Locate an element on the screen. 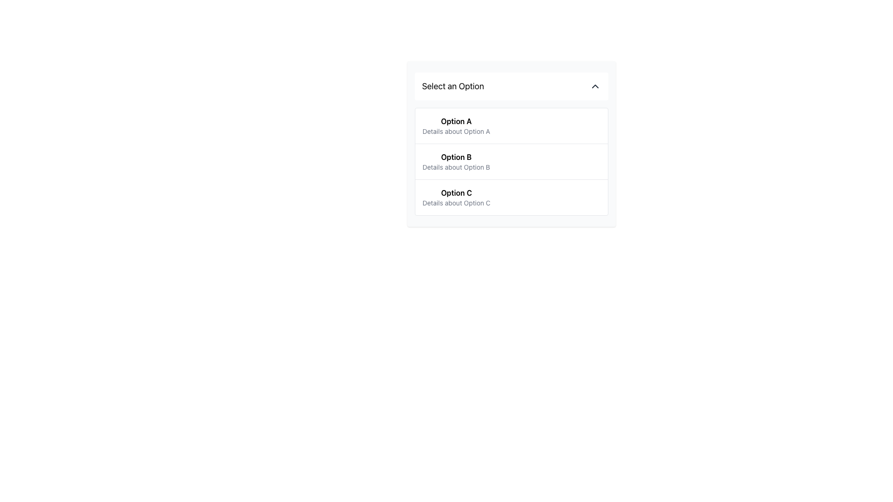 This screenshot has height=502, width=893. the Text Label providing additional information for 'Option C' in the dropdown menu, located at the bottom of the 'Option C' panel is located at coordinates (456, 202).